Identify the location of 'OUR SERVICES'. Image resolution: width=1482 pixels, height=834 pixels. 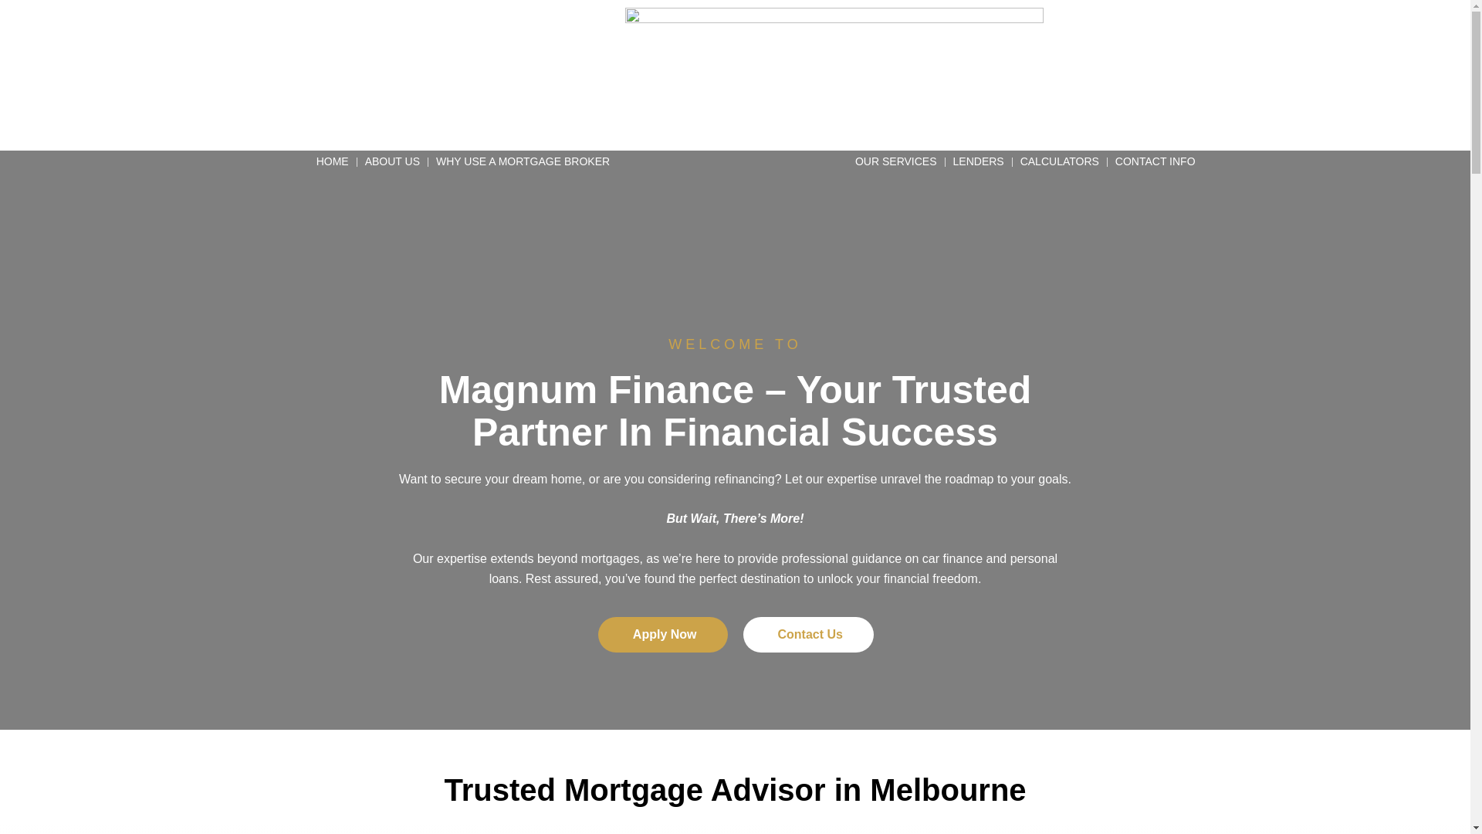
(896, 161).